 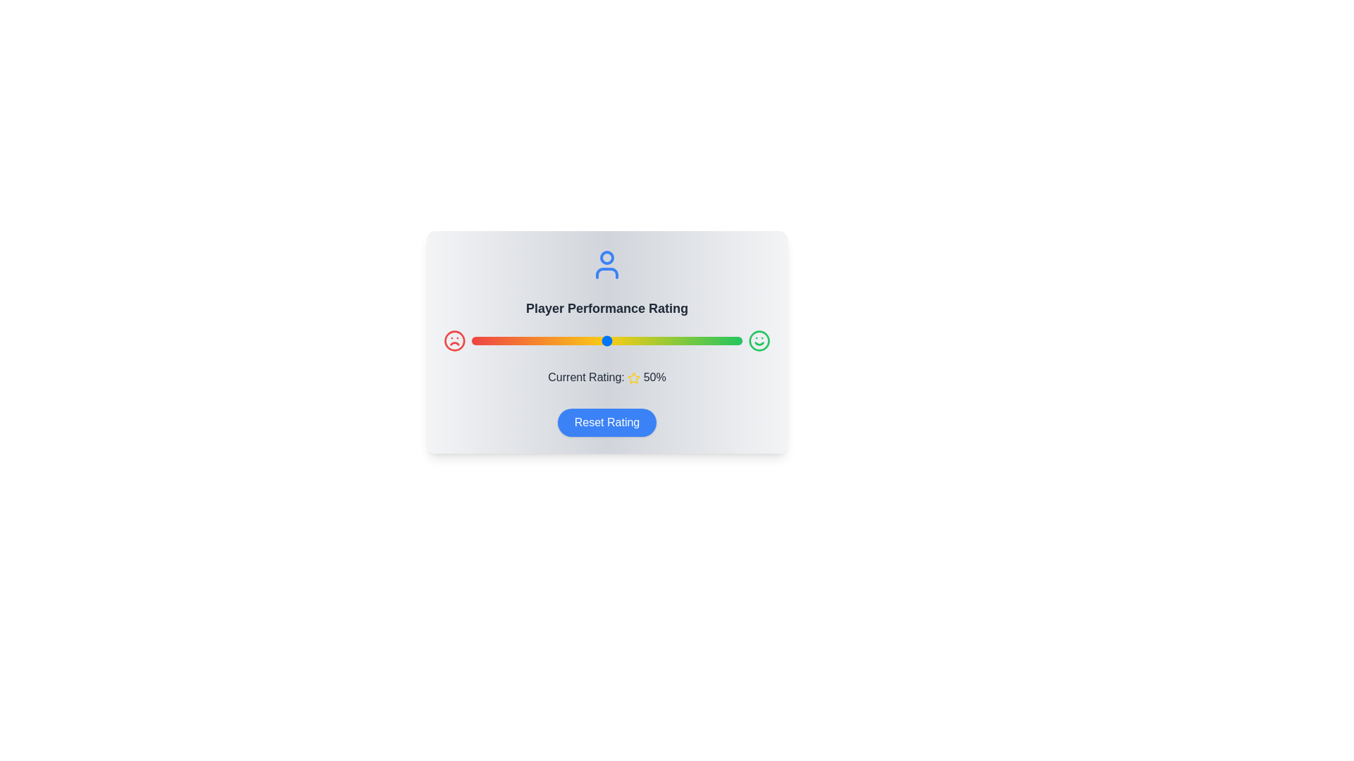 What do you see at coordinates (663, 340) in the screenshot?
I see `the rating slider to 71%` at bounding box center [663, 340].